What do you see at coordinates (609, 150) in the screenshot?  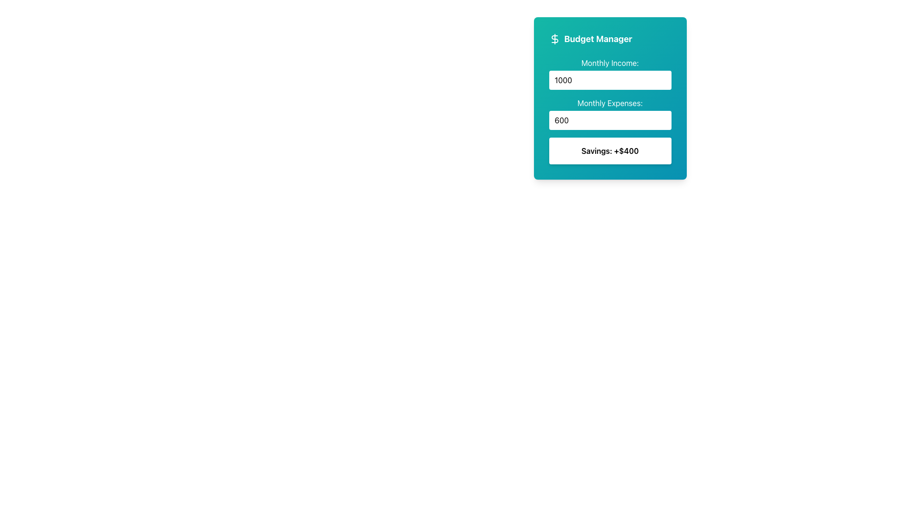 I see `the 'Savings: +$400' text display element, which is prominently styled in bold and located at the bottom of the budget management interface` at bounding box center [609, 150].